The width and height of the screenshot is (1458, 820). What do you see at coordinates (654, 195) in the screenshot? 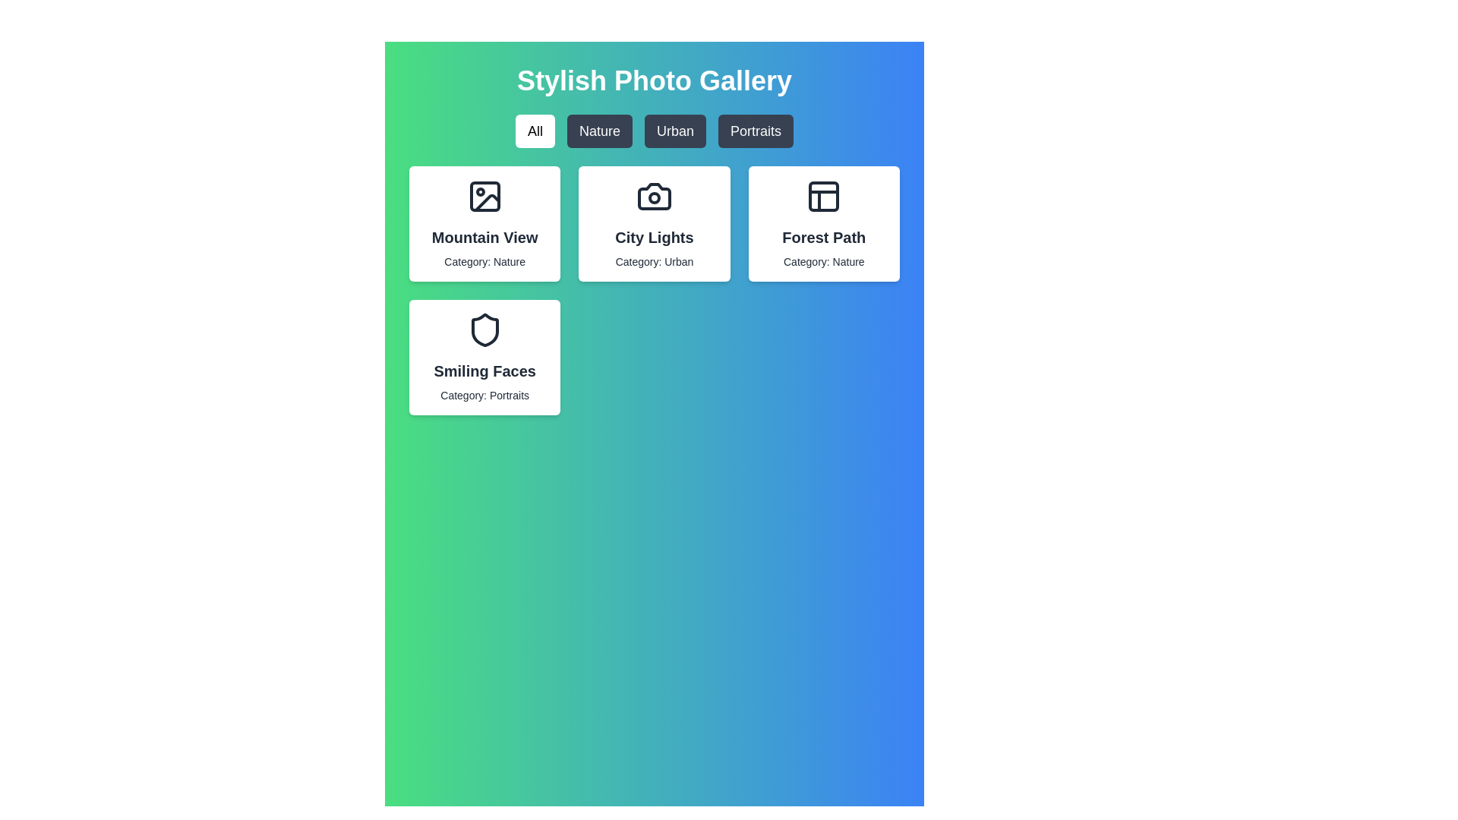
I see `the 'City Lights' icon located in the center of the top row of the cards section, which visually represents urban photography` at bounding box center [654, 195].